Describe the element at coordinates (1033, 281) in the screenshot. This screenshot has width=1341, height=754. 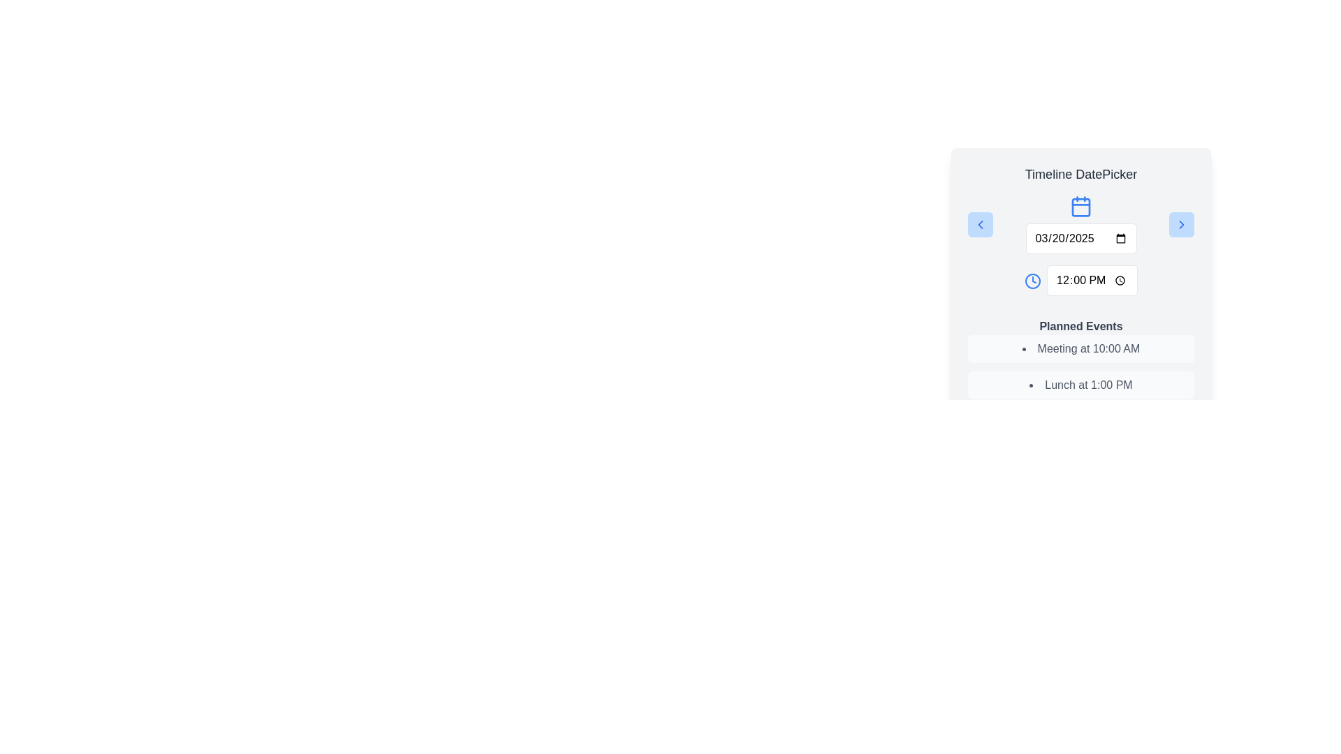
I see `the decorative circle element in the SVG graphic that is part of the clock icon, which is located to the left of the time dropdown in the time picker interface` at that location.